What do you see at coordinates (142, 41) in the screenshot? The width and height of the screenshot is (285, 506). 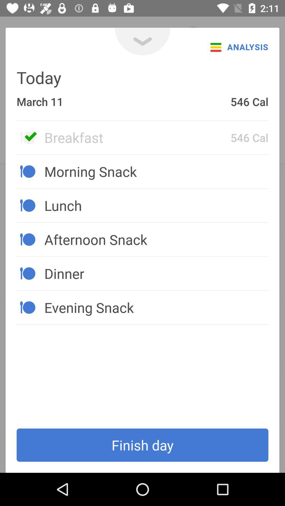 I see `the expand_more icon` at bounding box center [142, 41].